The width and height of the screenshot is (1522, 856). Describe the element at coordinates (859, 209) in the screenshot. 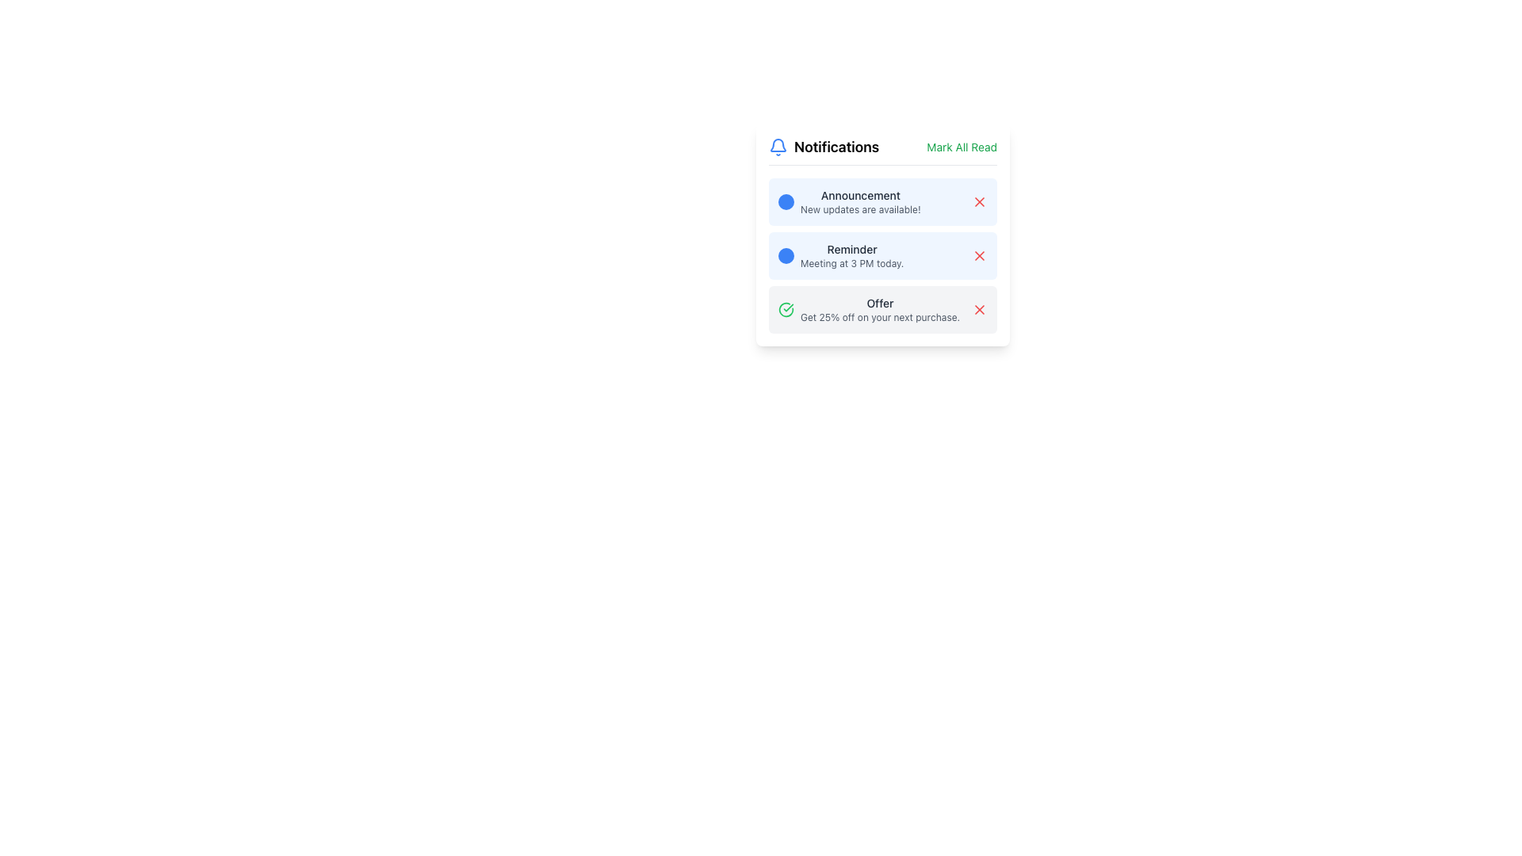

I see `informational text label located directly beneath the 'Announcement' text within the first notification item in the list` at that location.